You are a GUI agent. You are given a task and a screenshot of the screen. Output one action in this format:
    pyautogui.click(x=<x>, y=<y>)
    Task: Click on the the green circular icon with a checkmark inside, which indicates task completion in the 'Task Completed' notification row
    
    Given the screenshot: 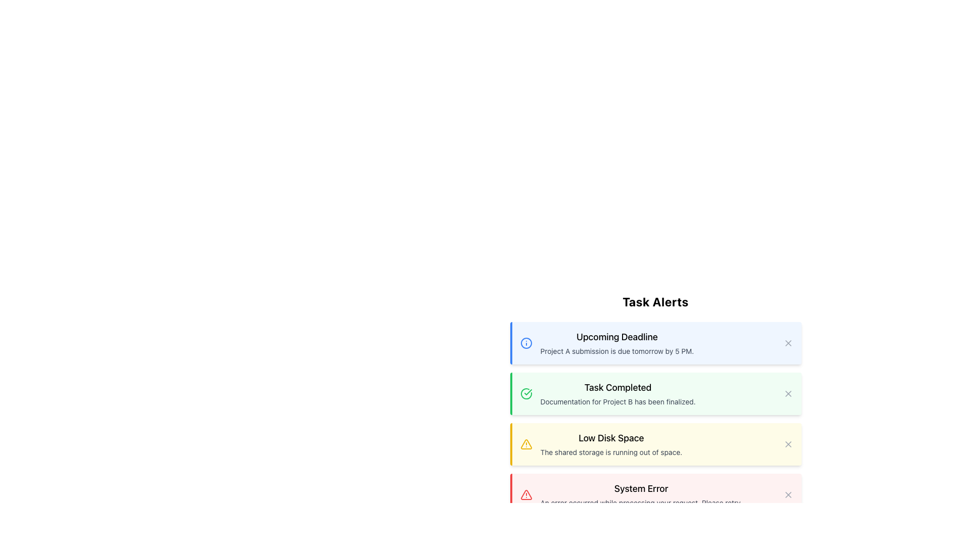 What is the action you would take?
    pyautogui.click(x=526, y=393)
    